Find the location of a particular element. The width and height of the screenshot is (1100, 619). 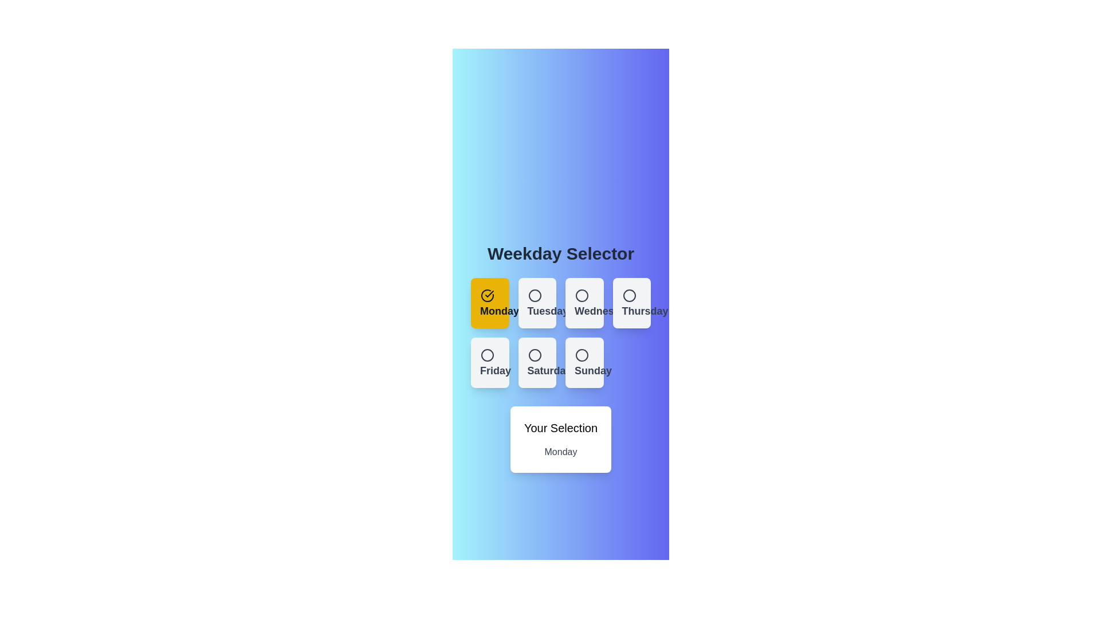

the button corresponding to Saturday is located at coordinates (536, 362).